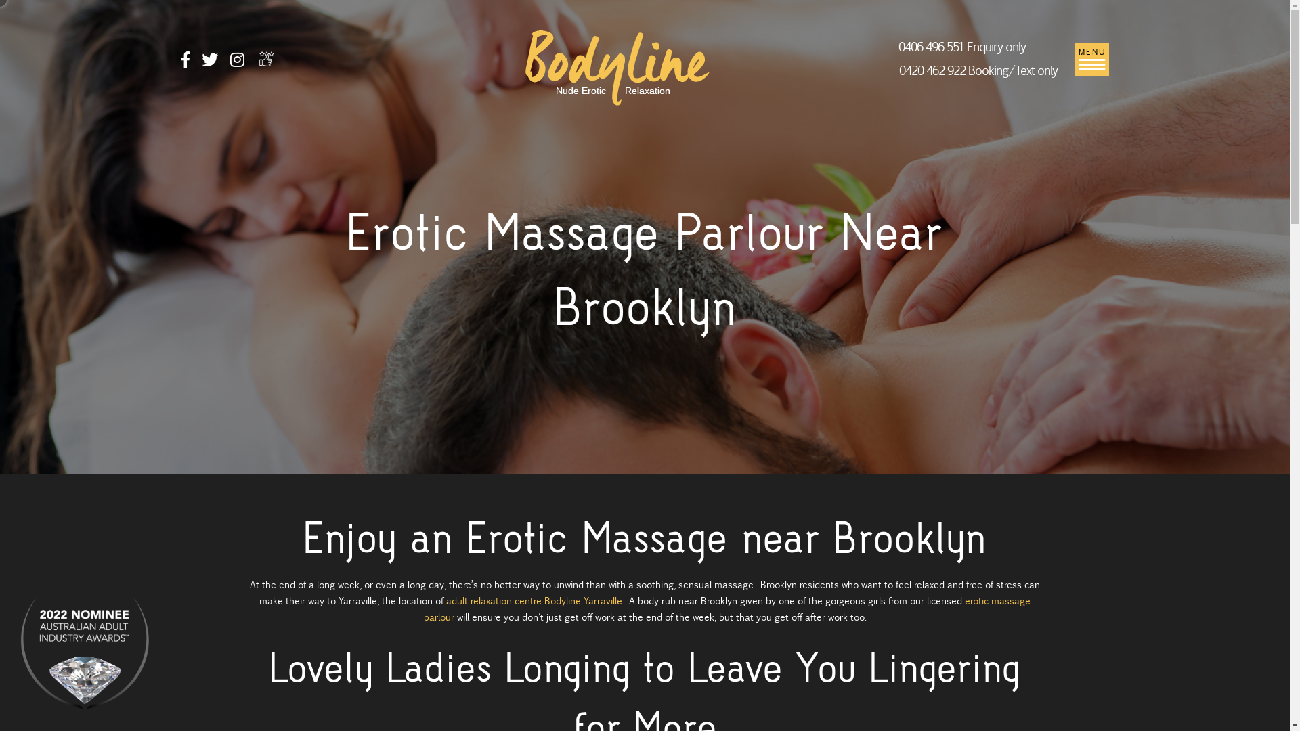 Image resolution: width=1300 pixels, height=731 pixels. Describe the element at coordinates (237, 62) in the screenshot. I see `'Instagram'` at that location.